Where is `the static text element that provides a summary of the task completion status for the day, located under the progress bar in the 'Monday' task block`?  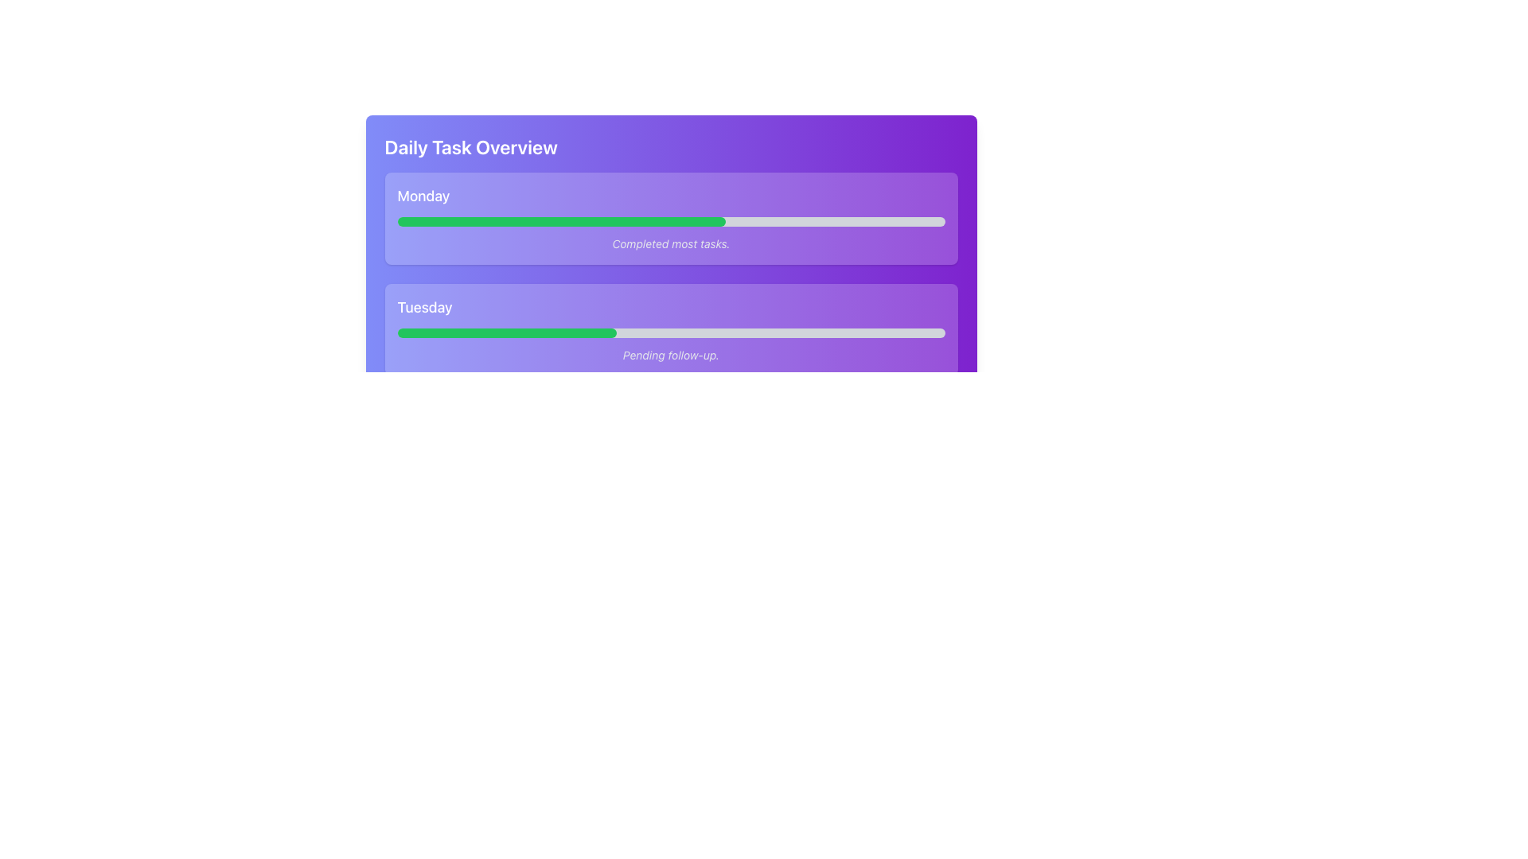
the static text element that provides a summary of the task completion status for the day, located under the progress bar in the 'Monday' task block is located at coordinates (671, 244).